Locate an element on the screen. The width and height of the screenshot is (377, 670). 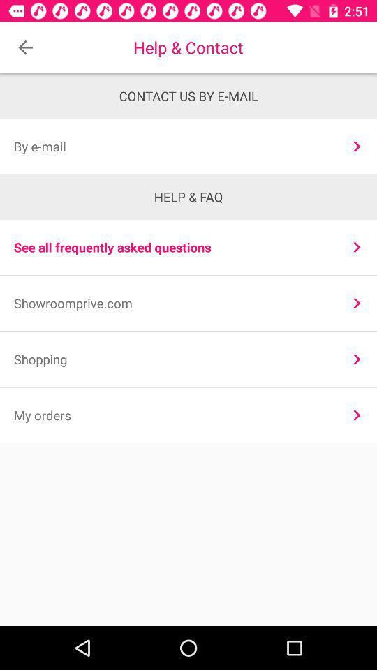
item below the shopping icon is located at coordinates (357, 415).